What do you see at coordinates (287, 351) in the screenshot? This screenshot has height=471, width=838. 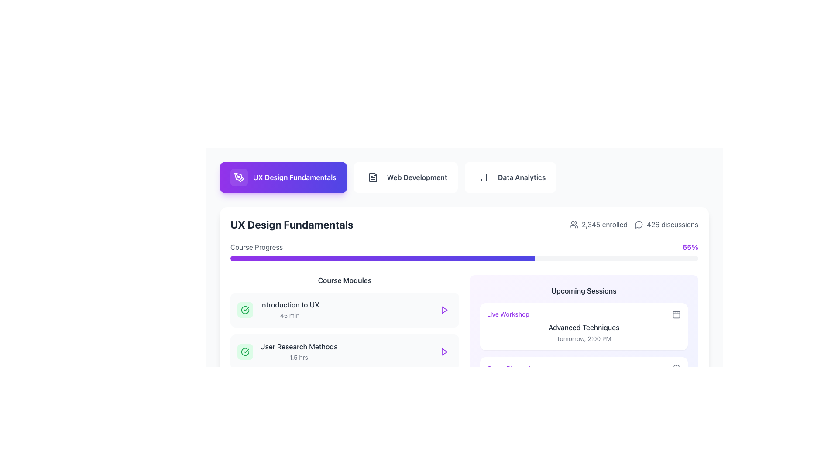 I see `the List item displaying 'User Research Methods' with a green background and white checkmark icon` at bounding box center [287, 351].